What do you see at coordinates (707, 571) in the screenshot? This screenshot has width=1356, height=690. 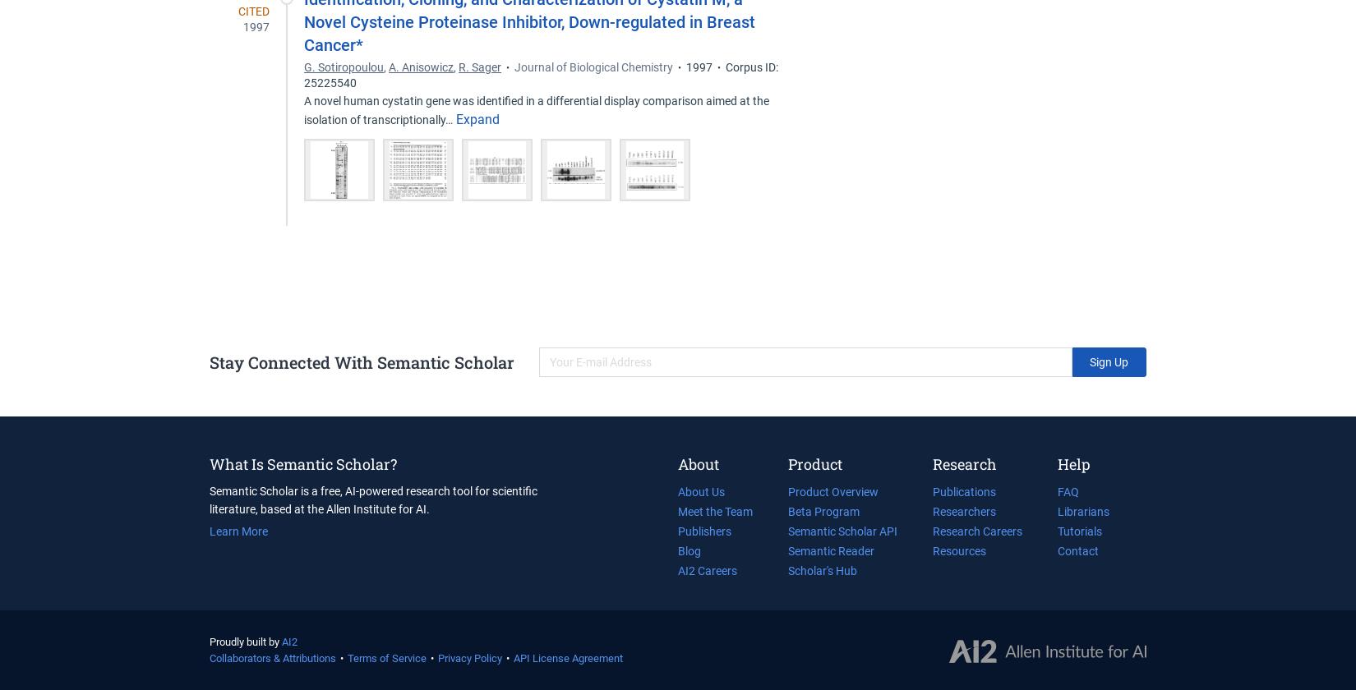 I see `'AI2 Careers'` at bounding box center [707, 571].